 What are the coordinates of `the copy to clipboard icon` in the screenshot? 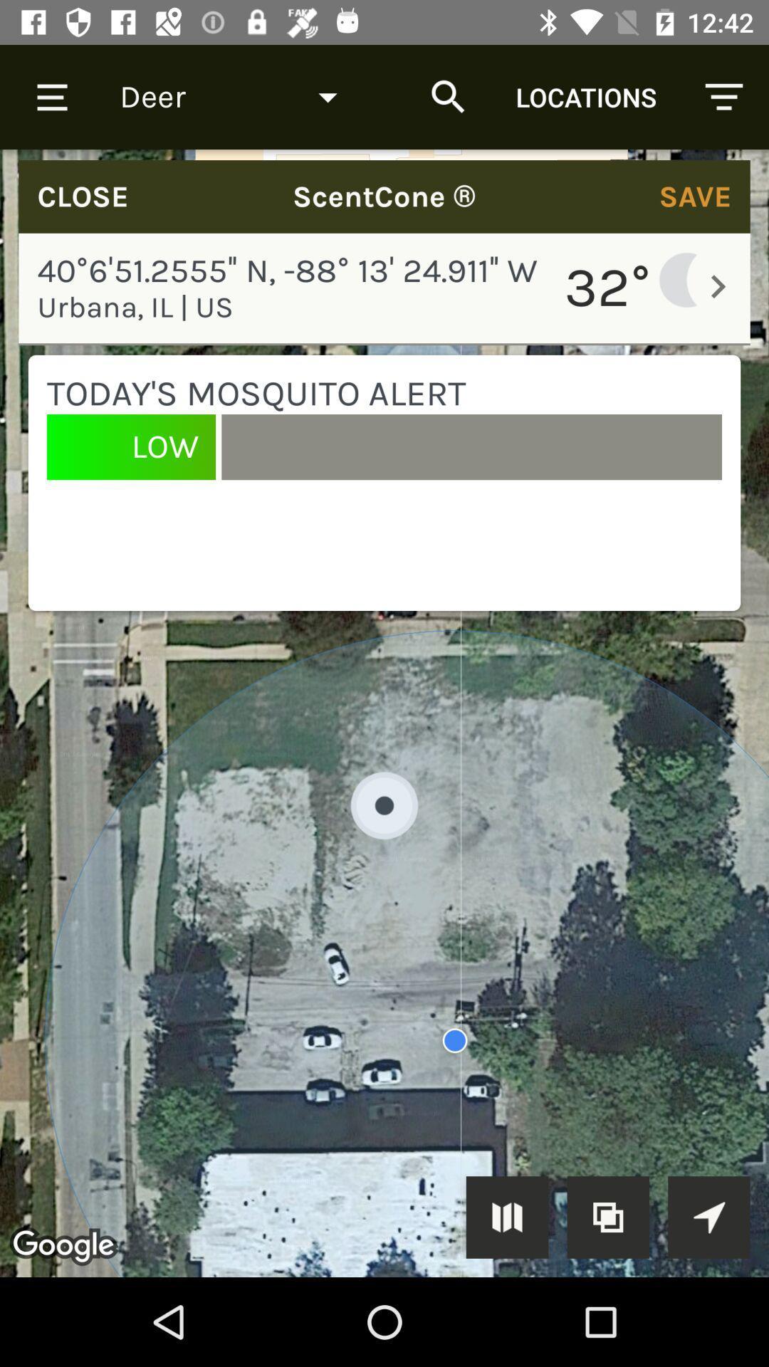 It's located at (608, 1216).